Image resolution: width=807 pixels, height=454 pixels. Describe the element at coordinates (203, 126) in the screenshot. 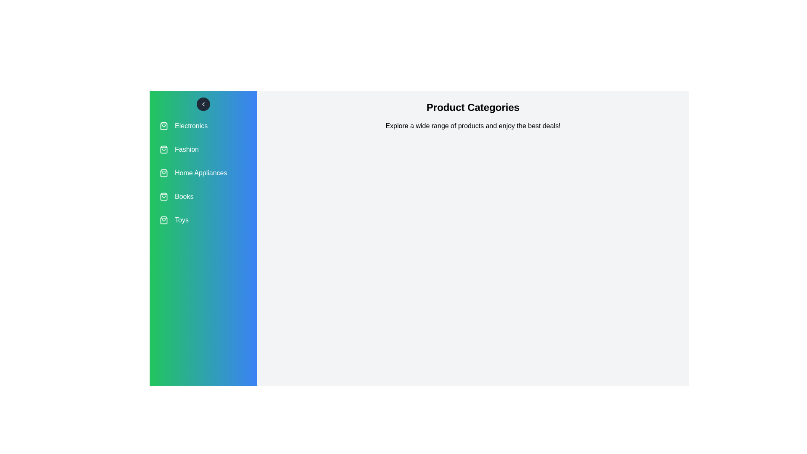

I see `the category Electronics` at that location.